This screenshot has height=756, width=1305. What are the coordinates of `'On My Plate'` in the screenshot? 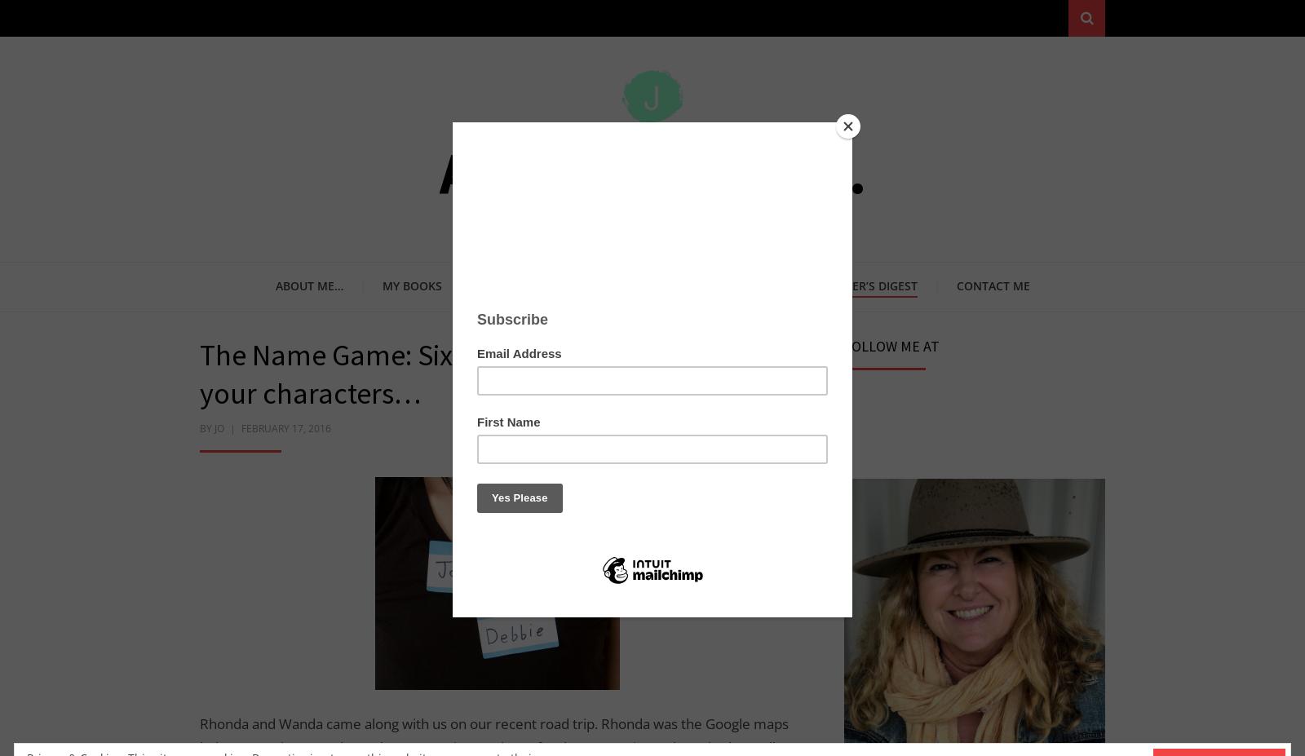 It's located at (479, 284).